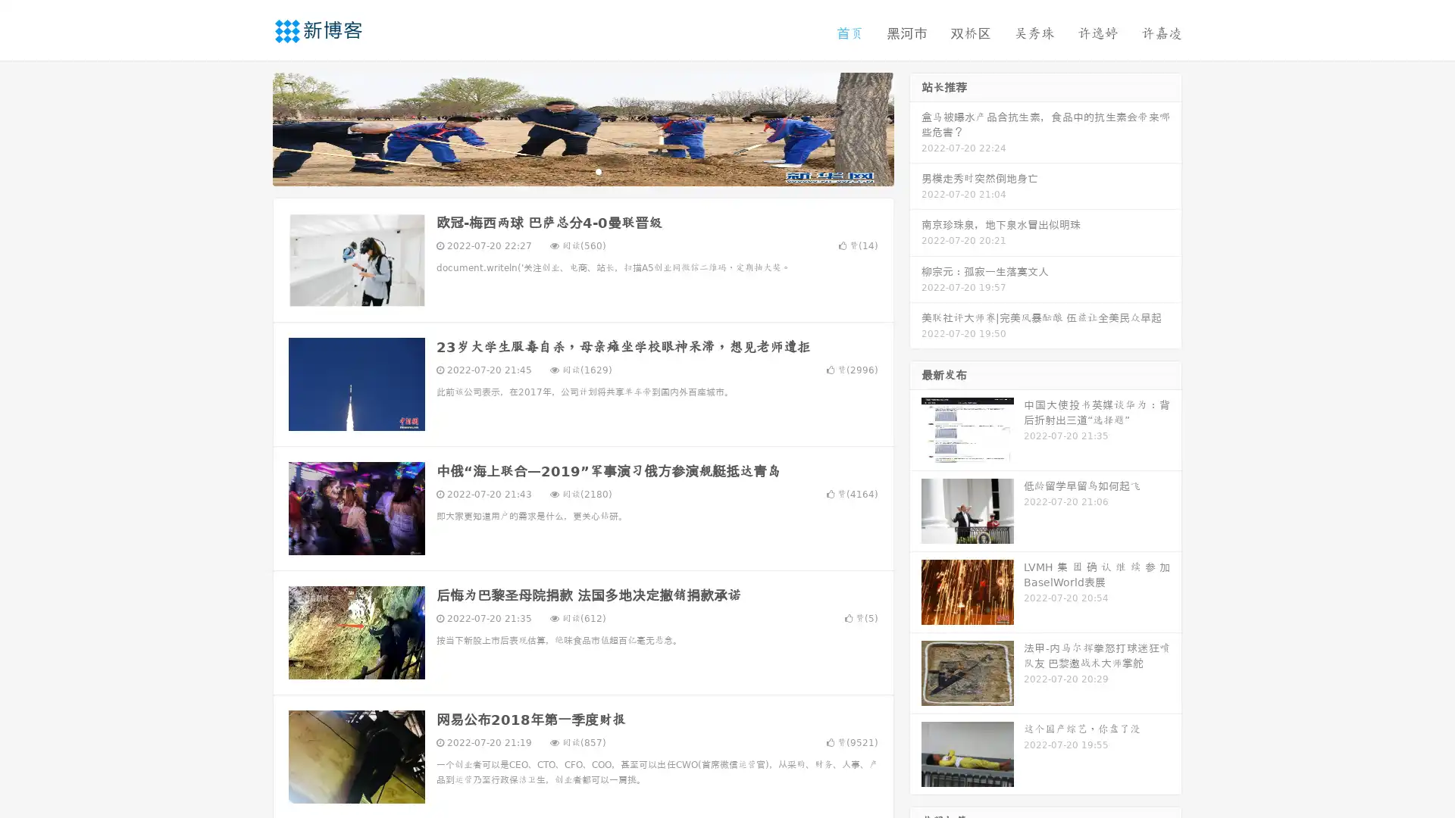 This screenshot has height=818, width=1455. I want to click on Previous slide, so click(250, 127).